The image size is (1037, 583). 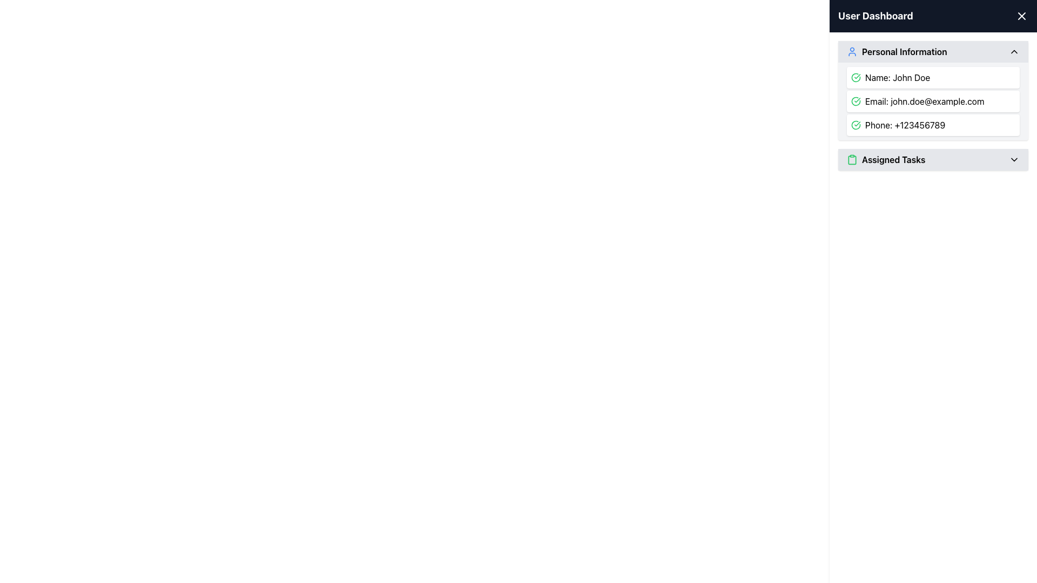 What do you see at coordinates (852, 52) in the screenshot?
I see `the user icon, which is represented by a circular avatar outline in blue color and is positioned left of the 'Personal Information' label` at bounding box center [852, 52].